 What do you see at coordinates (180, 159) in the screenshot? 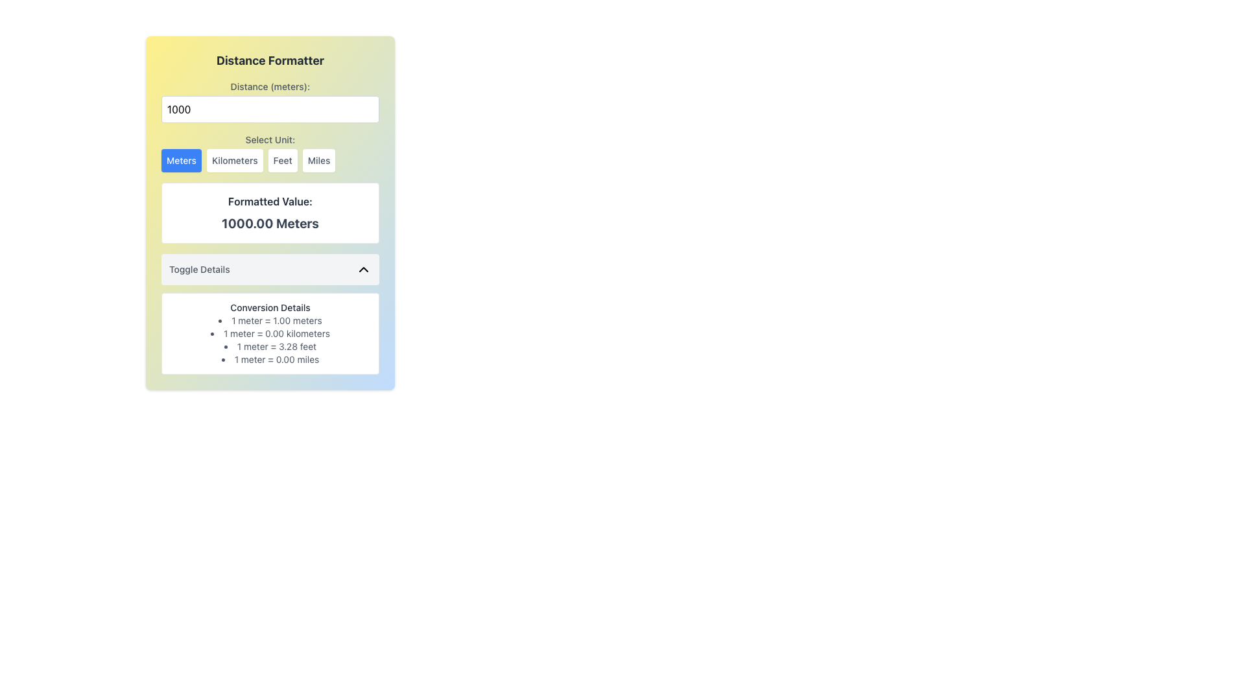
I see `the button` at bounding box center [180, 159].